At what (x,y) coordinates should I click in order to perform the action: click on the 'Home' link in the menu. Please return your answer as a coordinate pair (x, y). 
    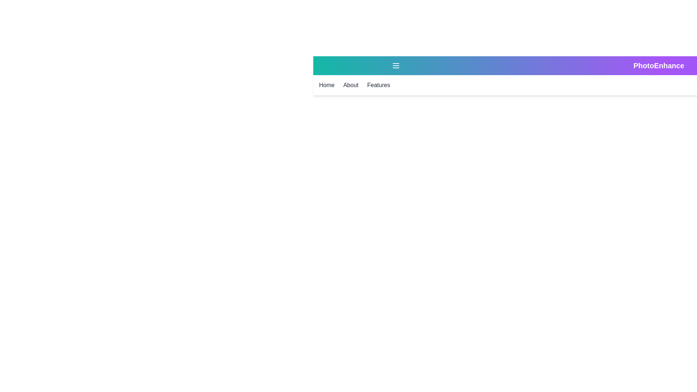
    Looking at the image, I should click on (326, 85).